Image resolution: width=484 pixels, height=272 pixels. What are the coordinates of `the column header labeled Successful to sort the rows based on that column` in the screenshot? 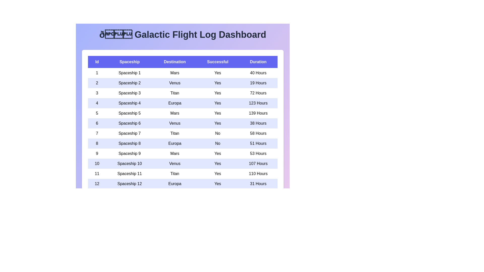 It's located at (218, 62).